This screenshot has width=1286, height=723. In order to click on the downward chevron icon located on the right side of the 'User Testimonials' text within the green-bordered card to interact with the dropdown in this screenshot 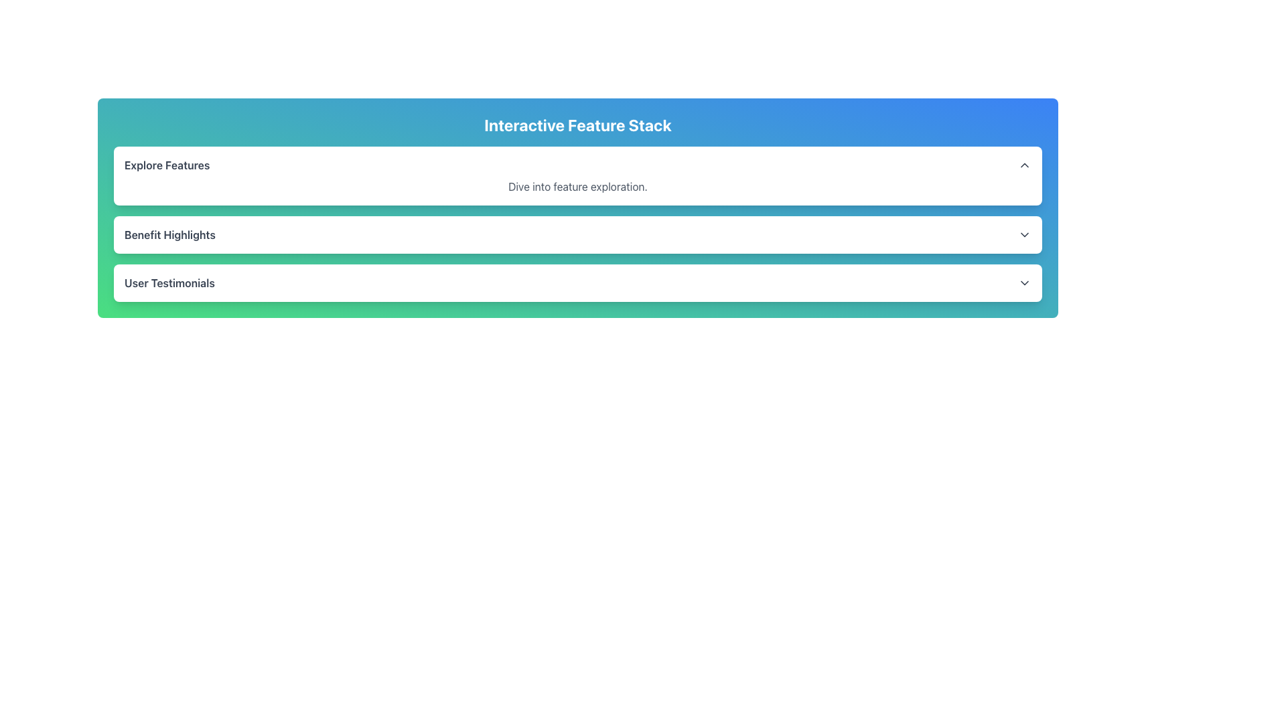, I will do `click(1024, 283)`.